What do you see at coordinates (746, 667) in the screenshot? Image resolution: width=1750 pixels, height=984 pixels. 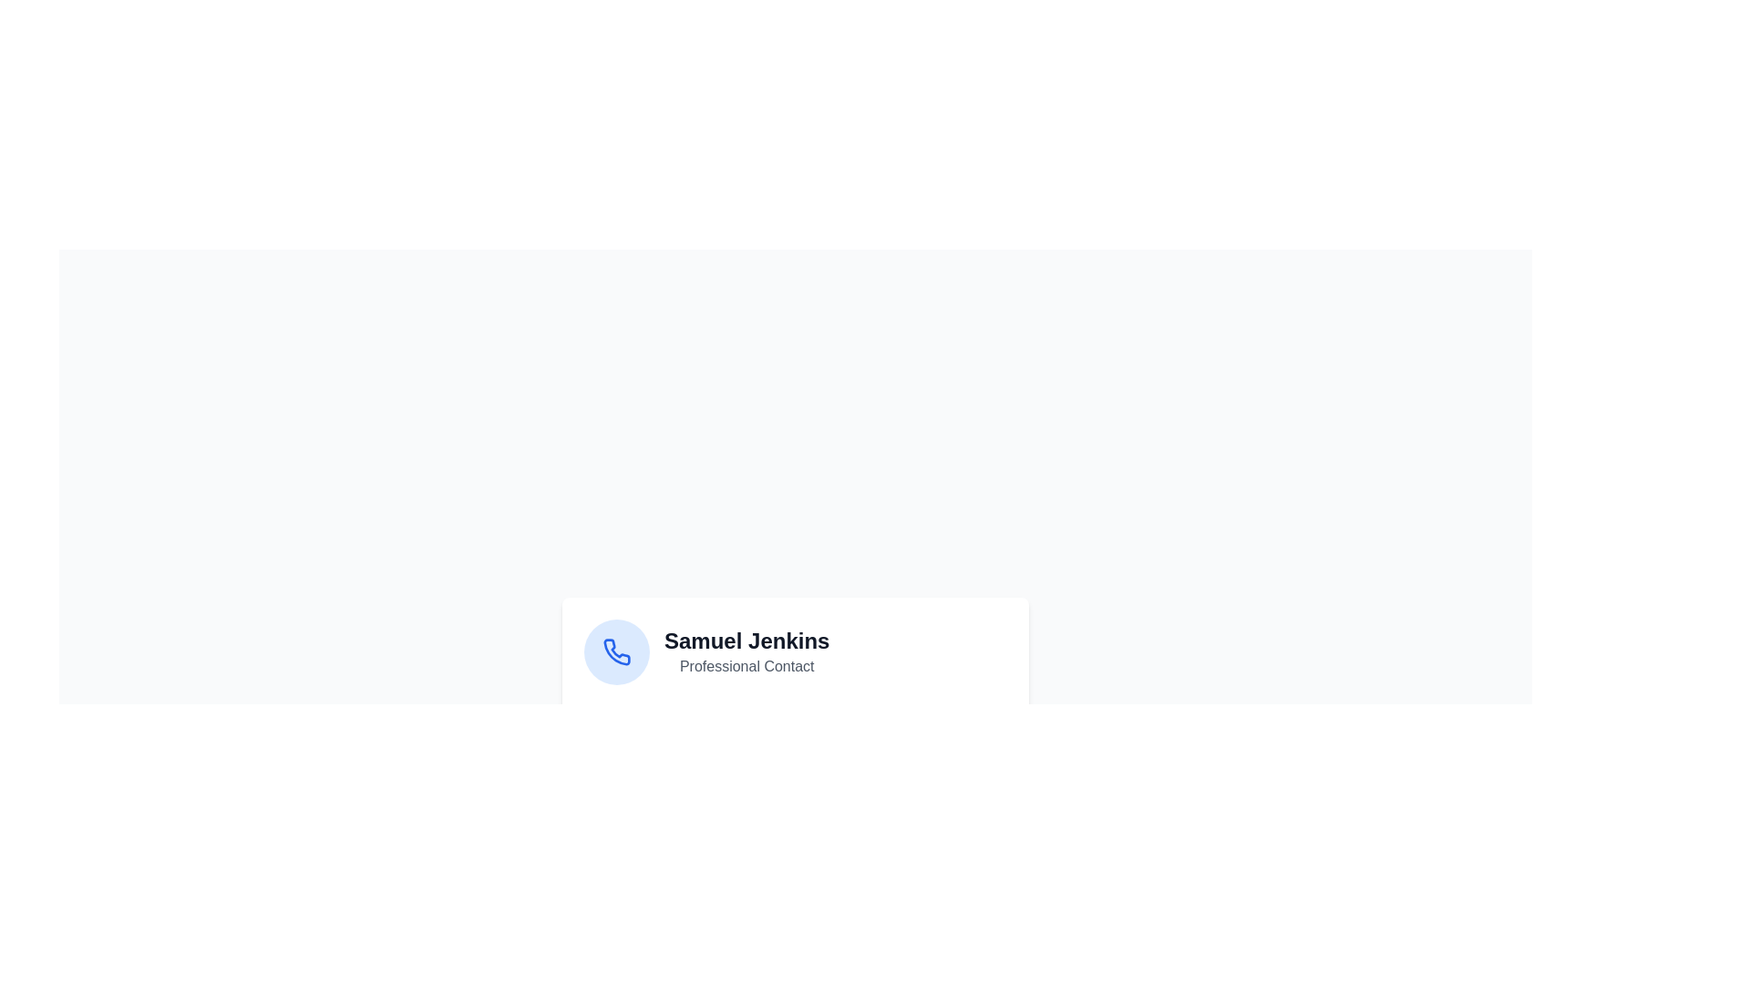 I see `the text label displaying 'Professional Contact' which is located below 'Samuel Jenkins' in a white card-like section` at bounding box center [746, 667].